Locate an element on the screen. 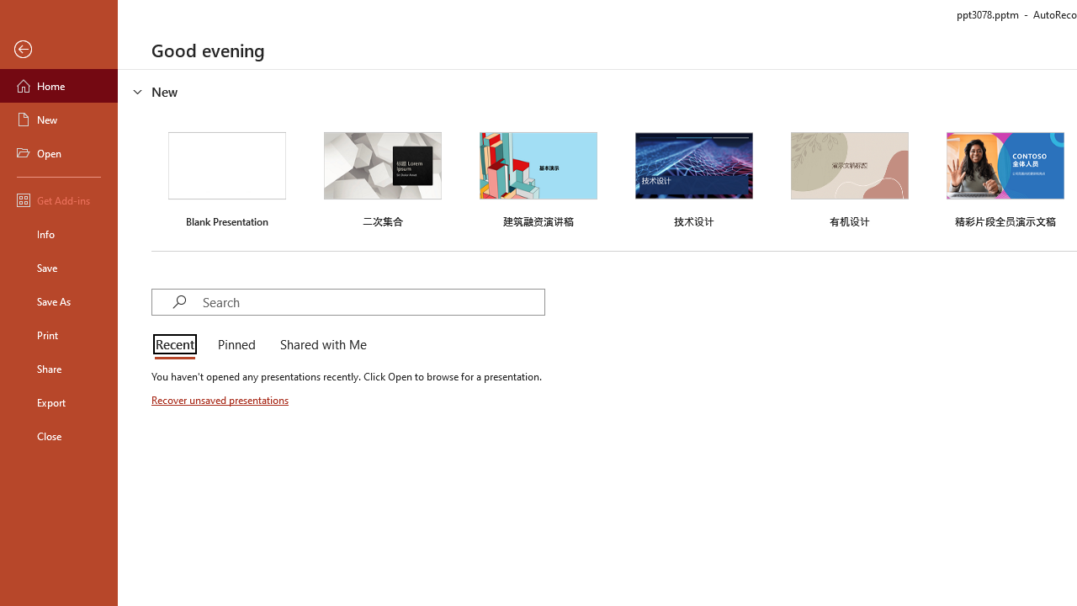 Image resolution: width=1077 pixels, height=606 pixels. 'Hide or show region' is located at coordinates (138, 92).